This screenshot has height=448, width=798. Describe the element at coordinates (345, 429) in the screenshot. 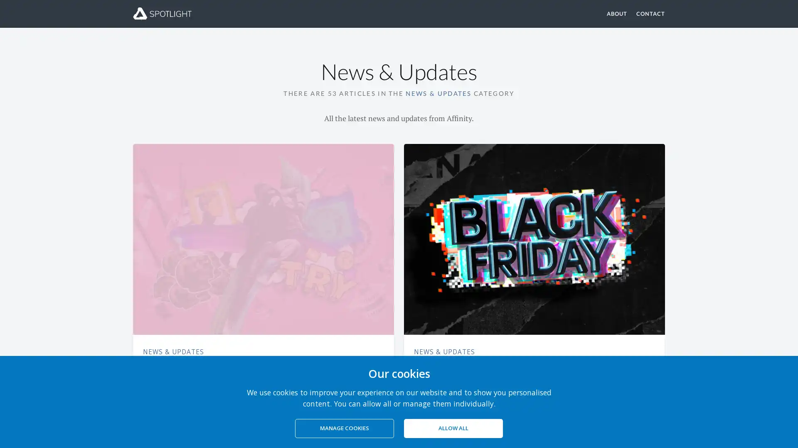

I see `MANAGE COOKIES` at that location.